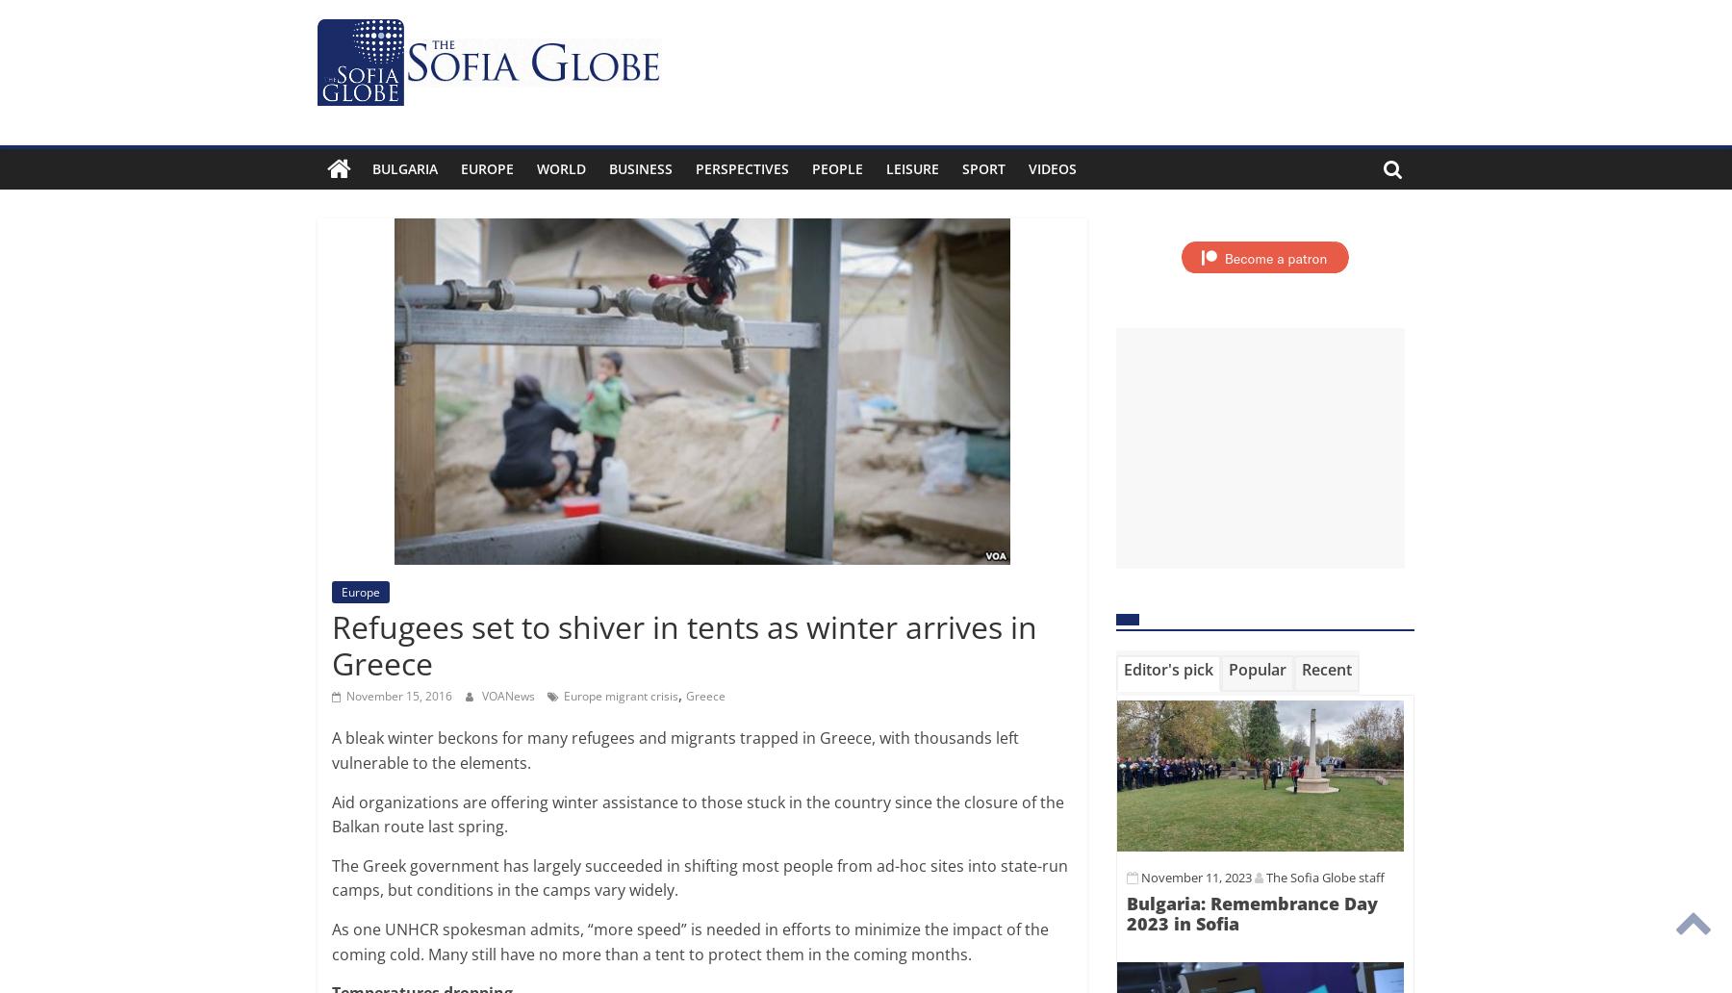 This screenshot has width=1732, height=993. I want to click on 'November 15, 2016', so click(399, 694).